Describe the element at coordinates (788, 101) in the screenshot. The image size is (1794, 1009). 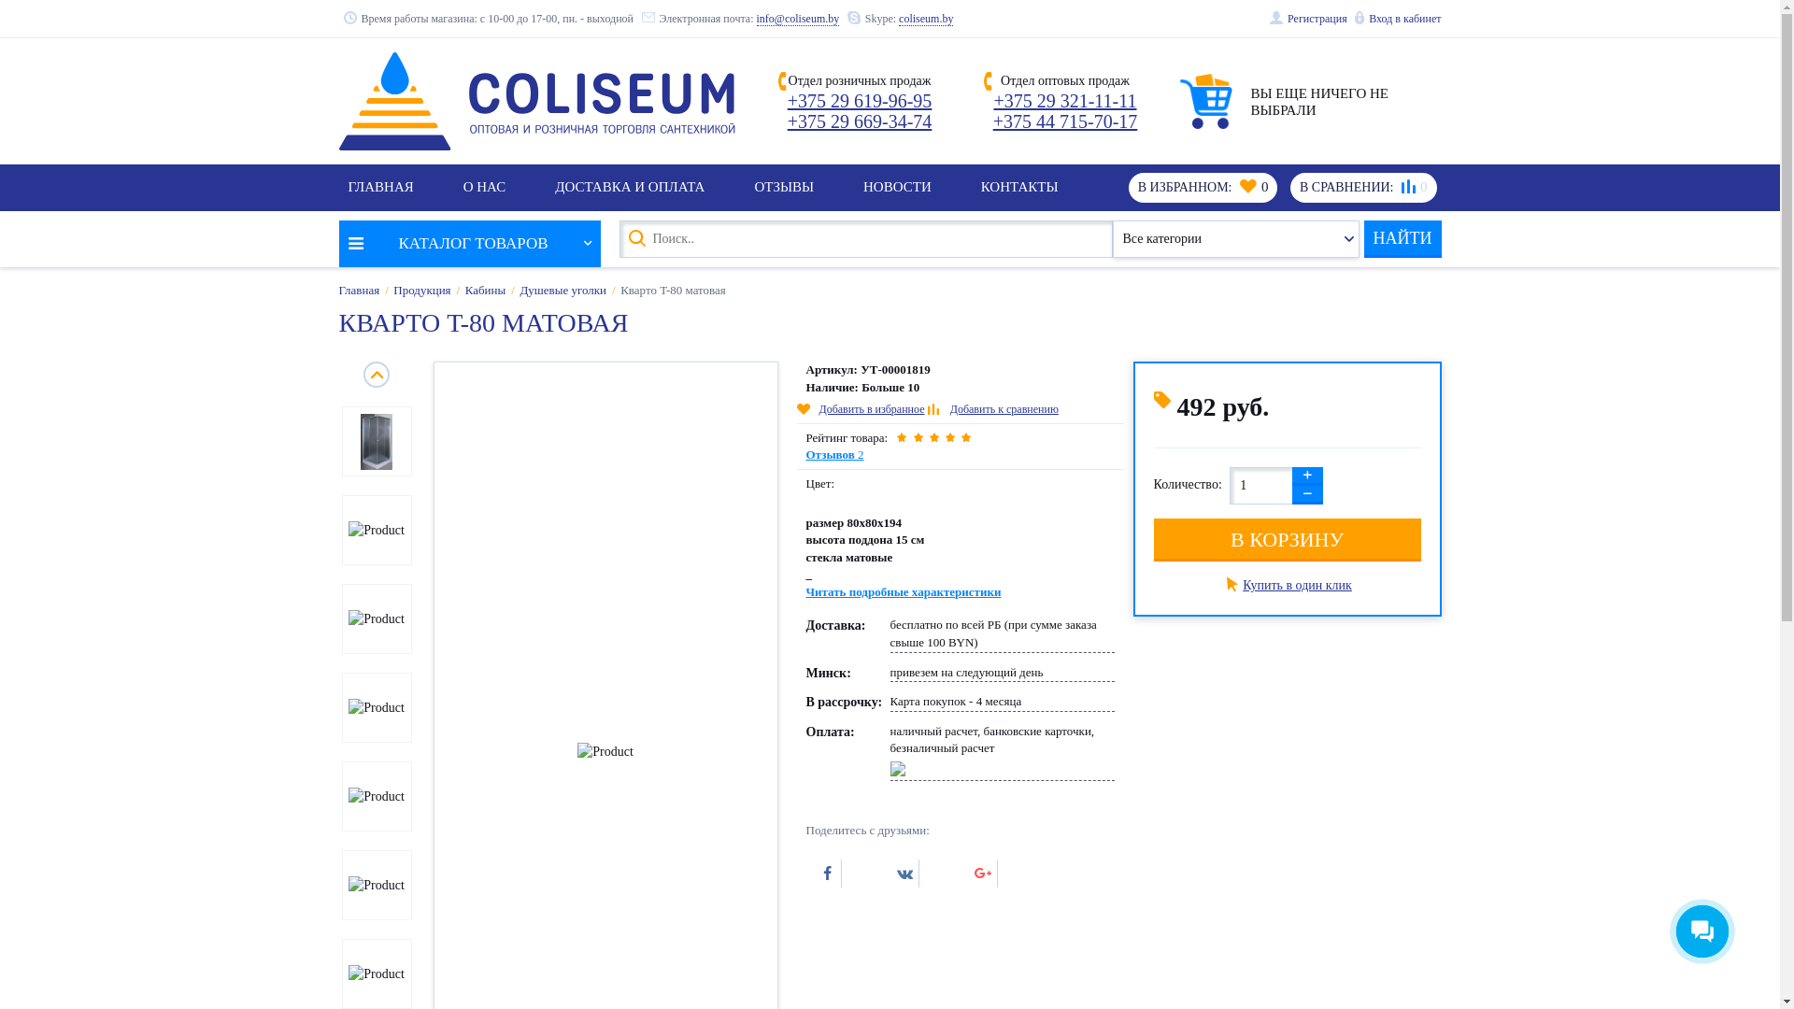
I see `'+375 29 619-96-95'` at that location.